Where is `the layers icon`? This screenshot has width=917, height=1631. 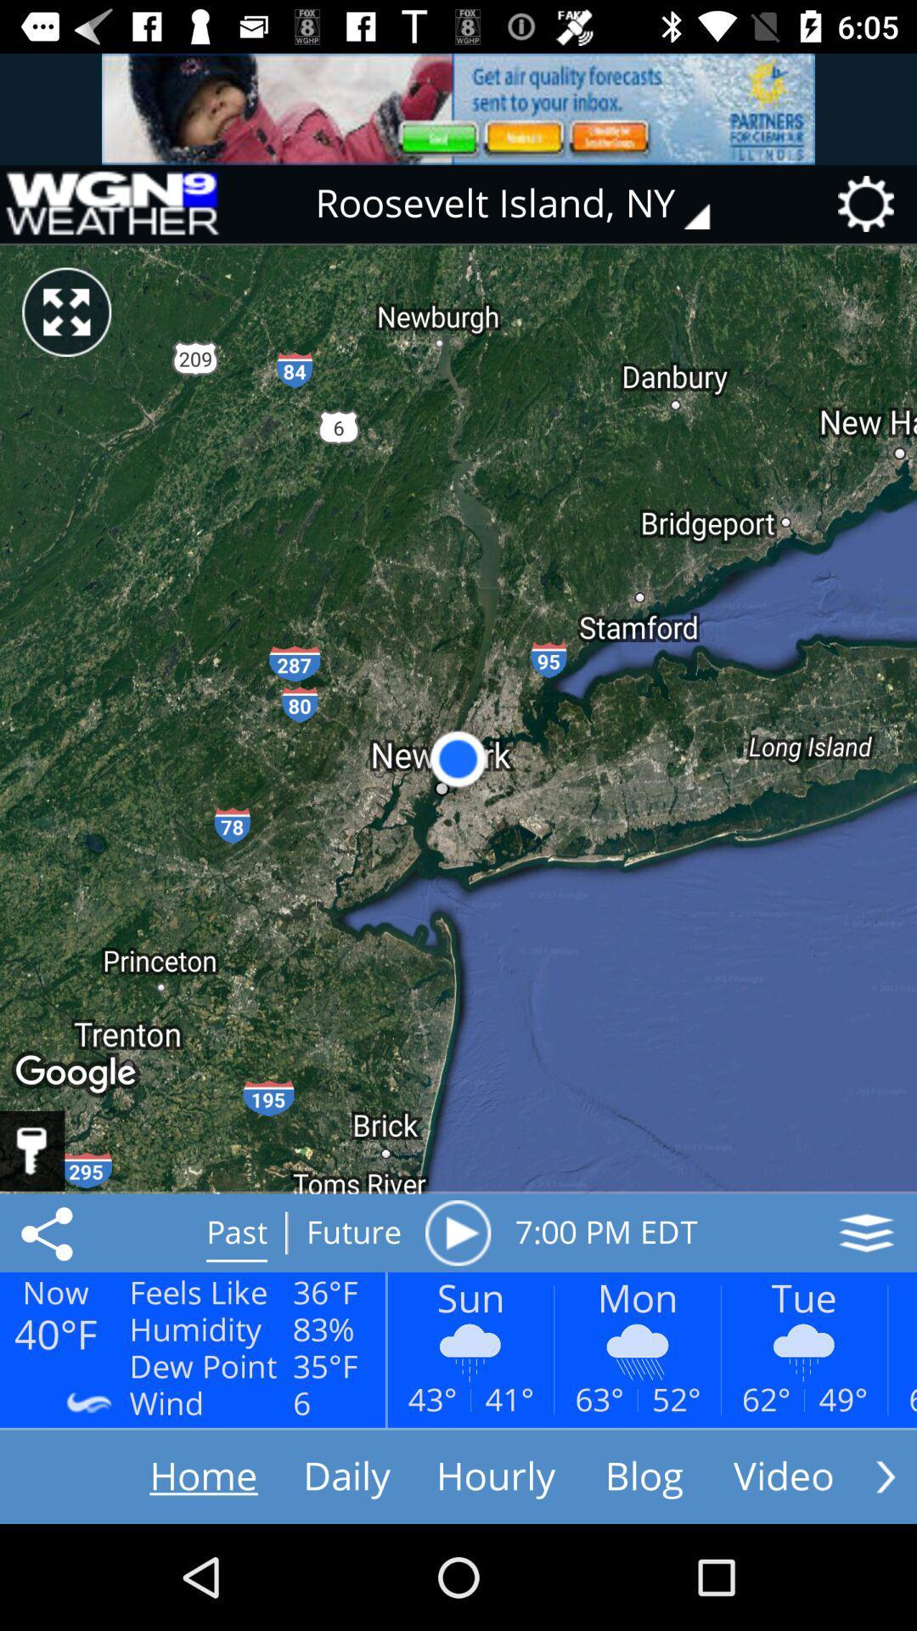
the layers icon is located at coordinates (866, 1233).